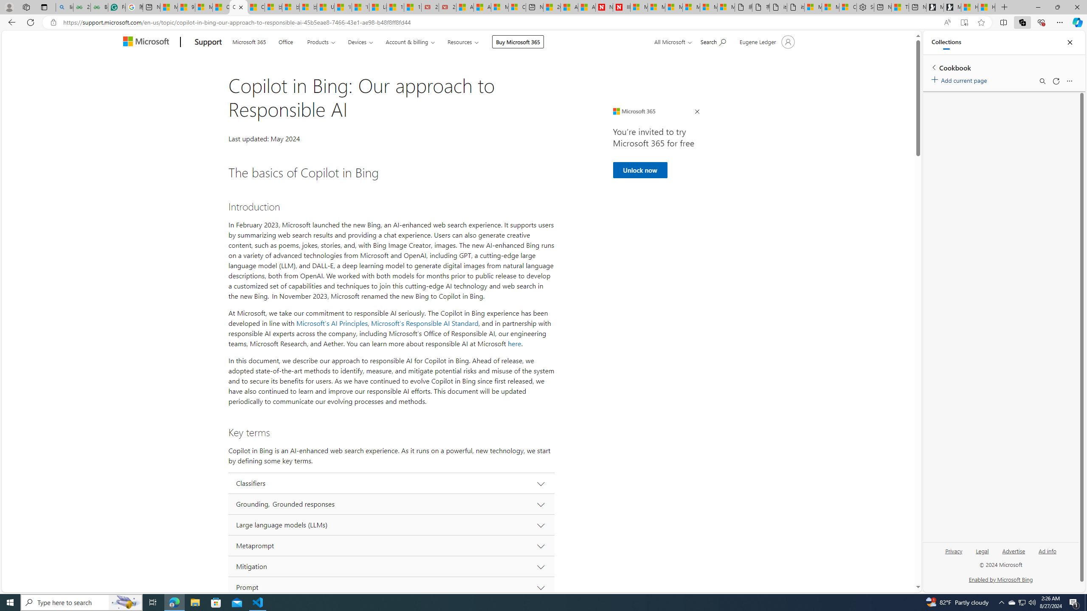 Image resolution: width=1087 pixels, height=611 pixels. What do you see at coordinates (516, 7) in the screenshot?
I see `'Cloud Computing Services | Microsoft Azure'` at bounding box center [516, 7].